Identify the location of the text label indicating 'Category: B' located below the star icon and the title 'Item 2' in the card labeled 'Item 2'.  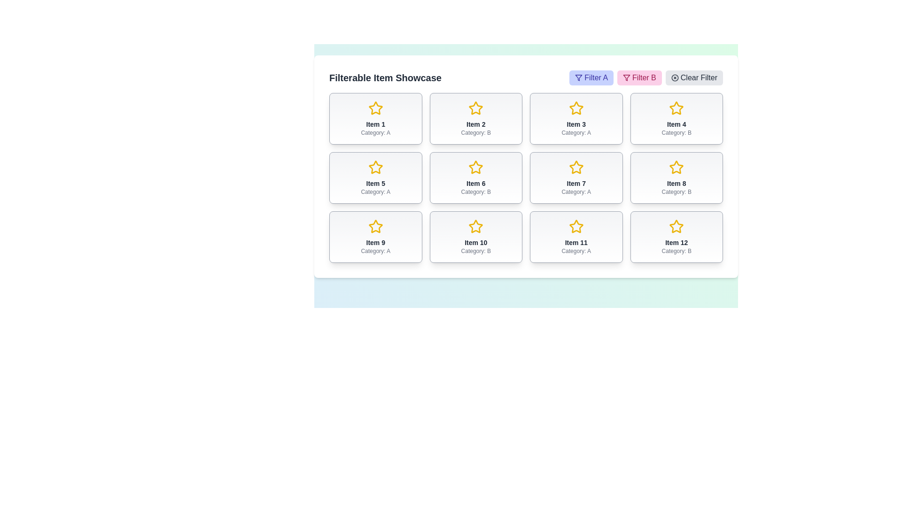
(476, 132).